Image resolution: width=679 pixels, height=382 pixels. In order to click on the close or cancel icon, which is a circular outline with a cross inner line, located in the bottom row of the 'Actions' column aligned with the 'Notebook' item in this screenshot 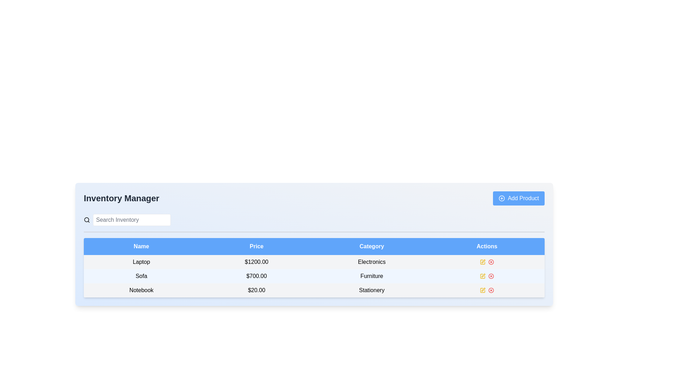, I will do `click(491, 290)`.